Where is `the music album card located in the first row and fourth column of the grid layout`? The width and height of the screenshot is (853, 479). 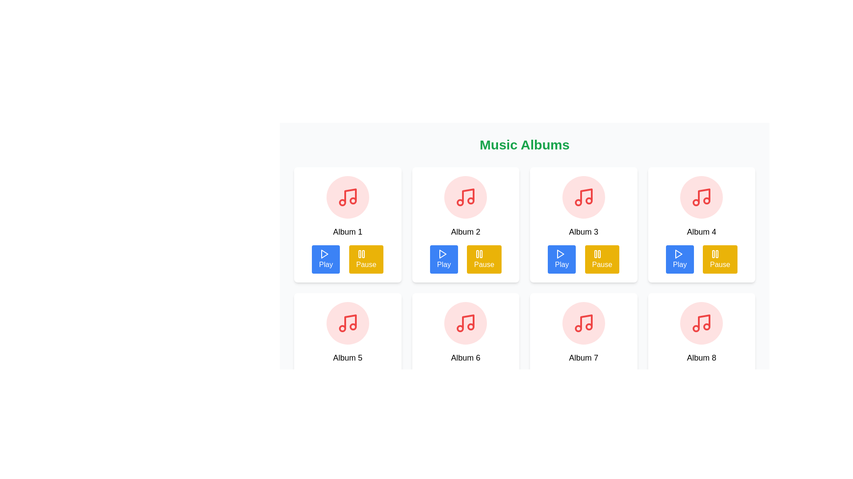 the music album card located in the first row and fourth column of the grid layout is located at coordinates (701, 224).